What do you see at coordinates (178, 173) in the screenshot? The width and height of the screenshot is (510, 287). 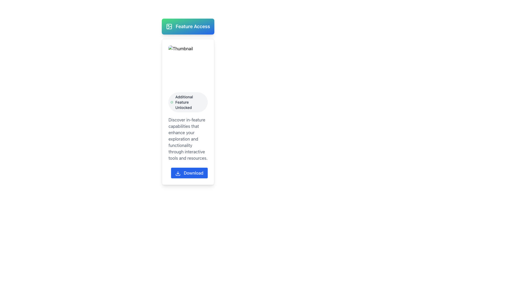 I see `the graphical icon within the blue button` at bounding box center [178, 173].